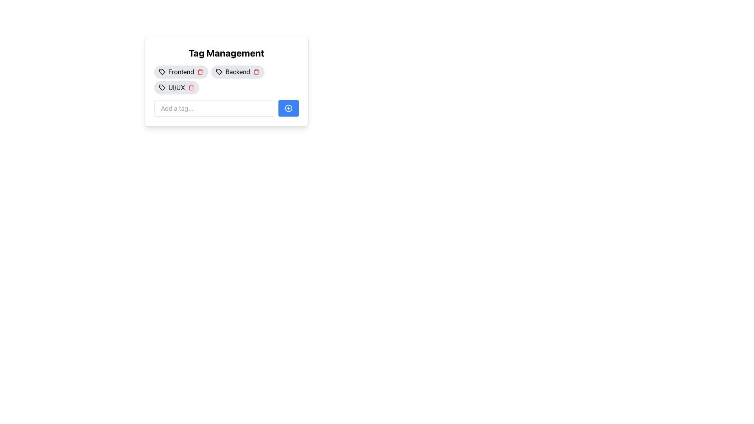 Image resolution: width=754 pixels, height=424 pixels. Describe the element at coordinates (288, 108) in the screenshot. I see `the button located at the far right of the input area labeled 'Add a tag...'` at that location.